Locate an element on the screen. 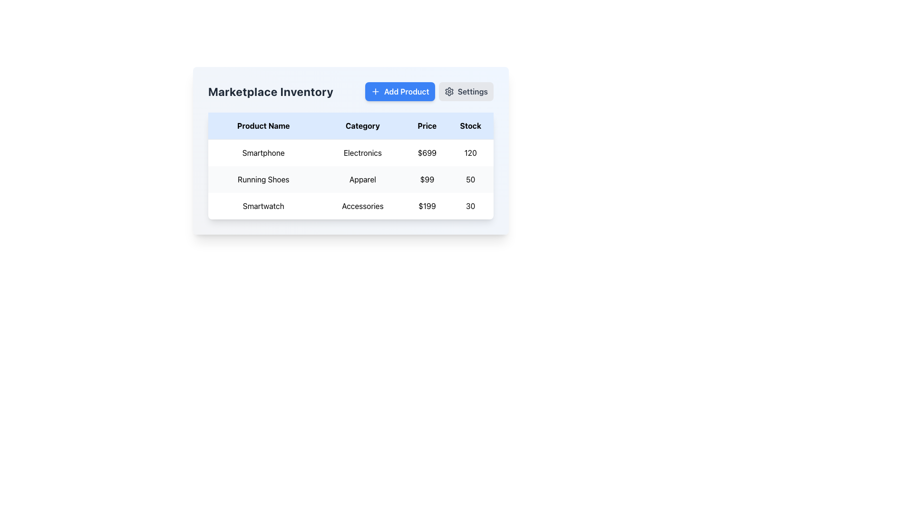  the third row of the product table that displays product information including name, category, price, and stock level, if interactivity is enabled is located at coordinates (350, 206).